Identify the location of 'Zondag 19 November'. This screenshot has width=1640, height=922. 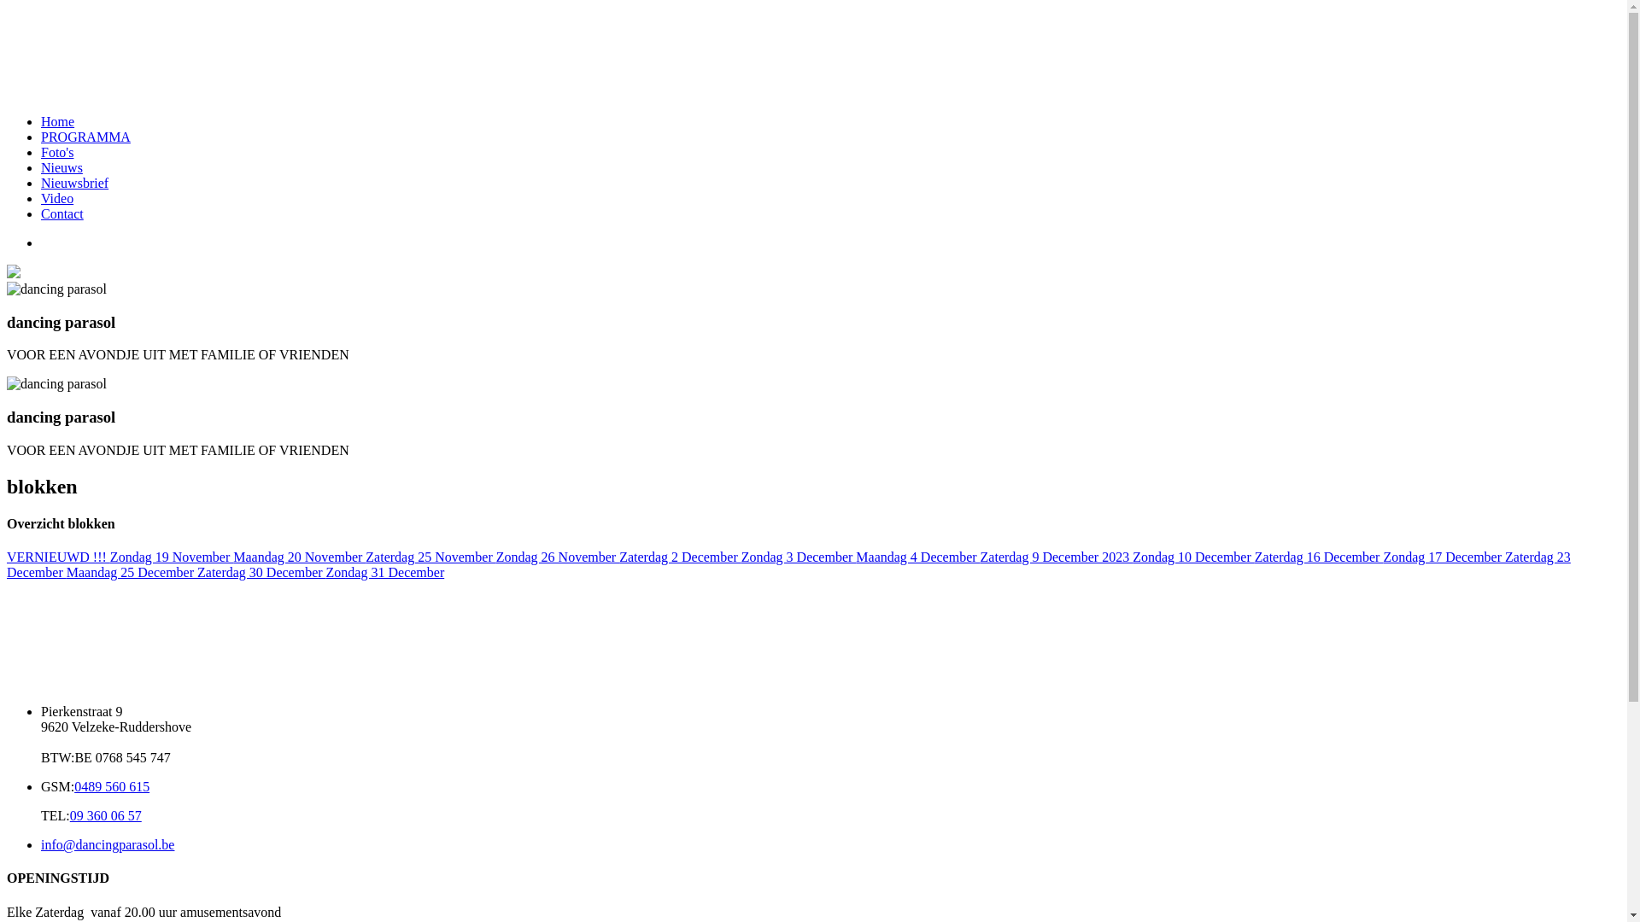
(172, 557).